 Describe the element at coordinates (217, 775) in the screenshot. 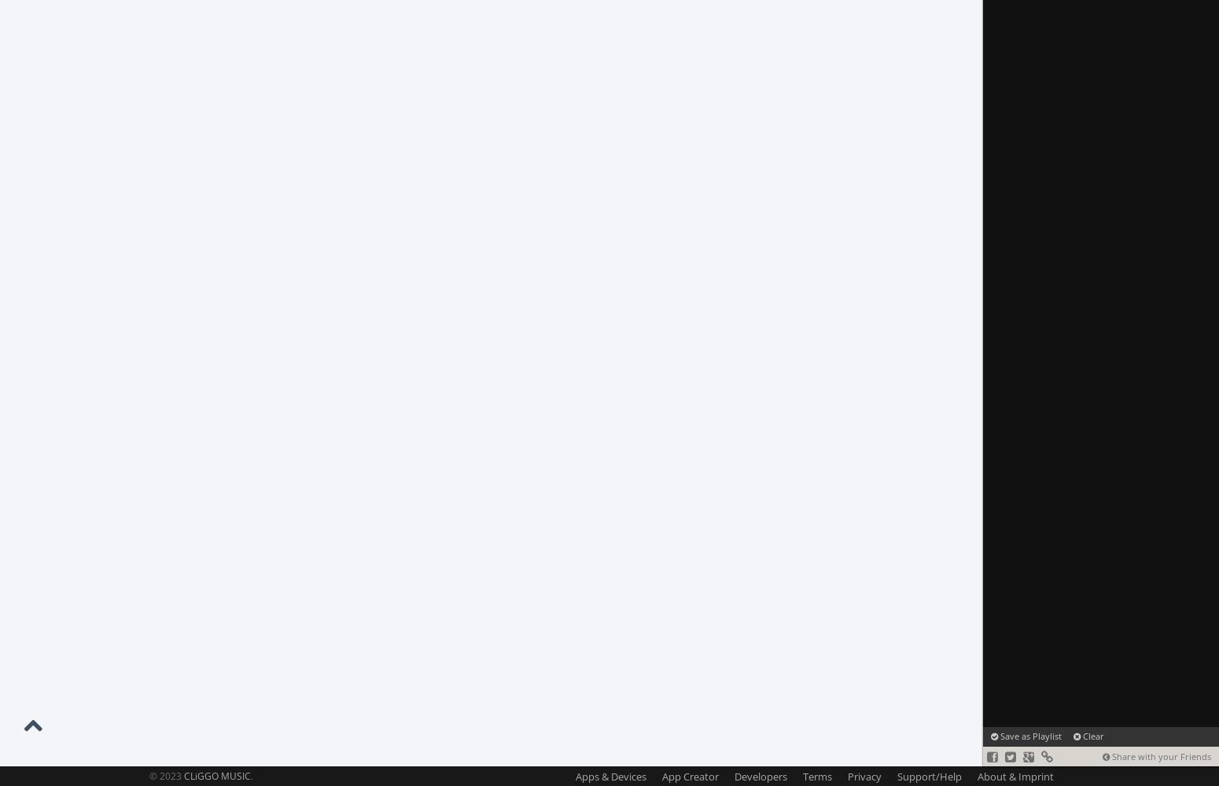

I see `'CLiGGO MUSIC'` at that location.